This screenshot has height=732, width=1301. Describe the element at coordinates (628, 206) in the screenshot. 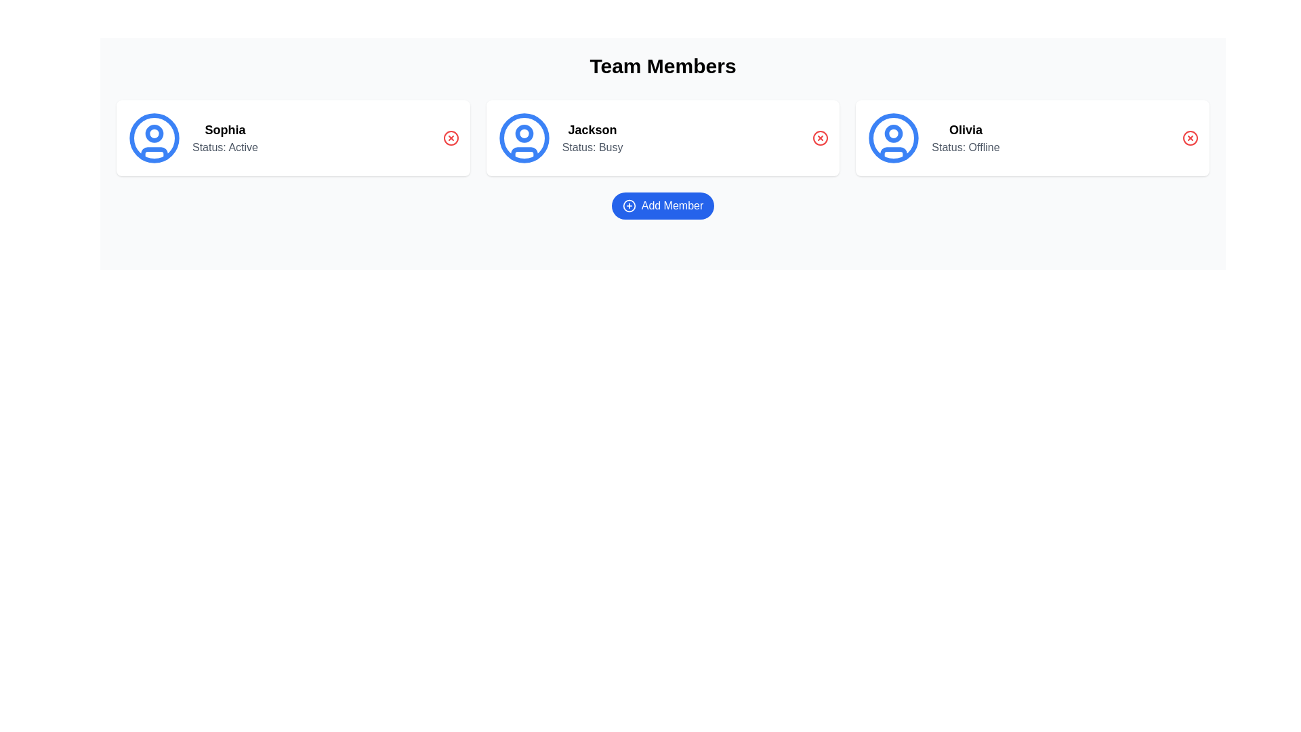

I see `the 'Add Member' button, which is represented by a circular icon located centrally at the bottom of the 'Team Members' section` at that location.